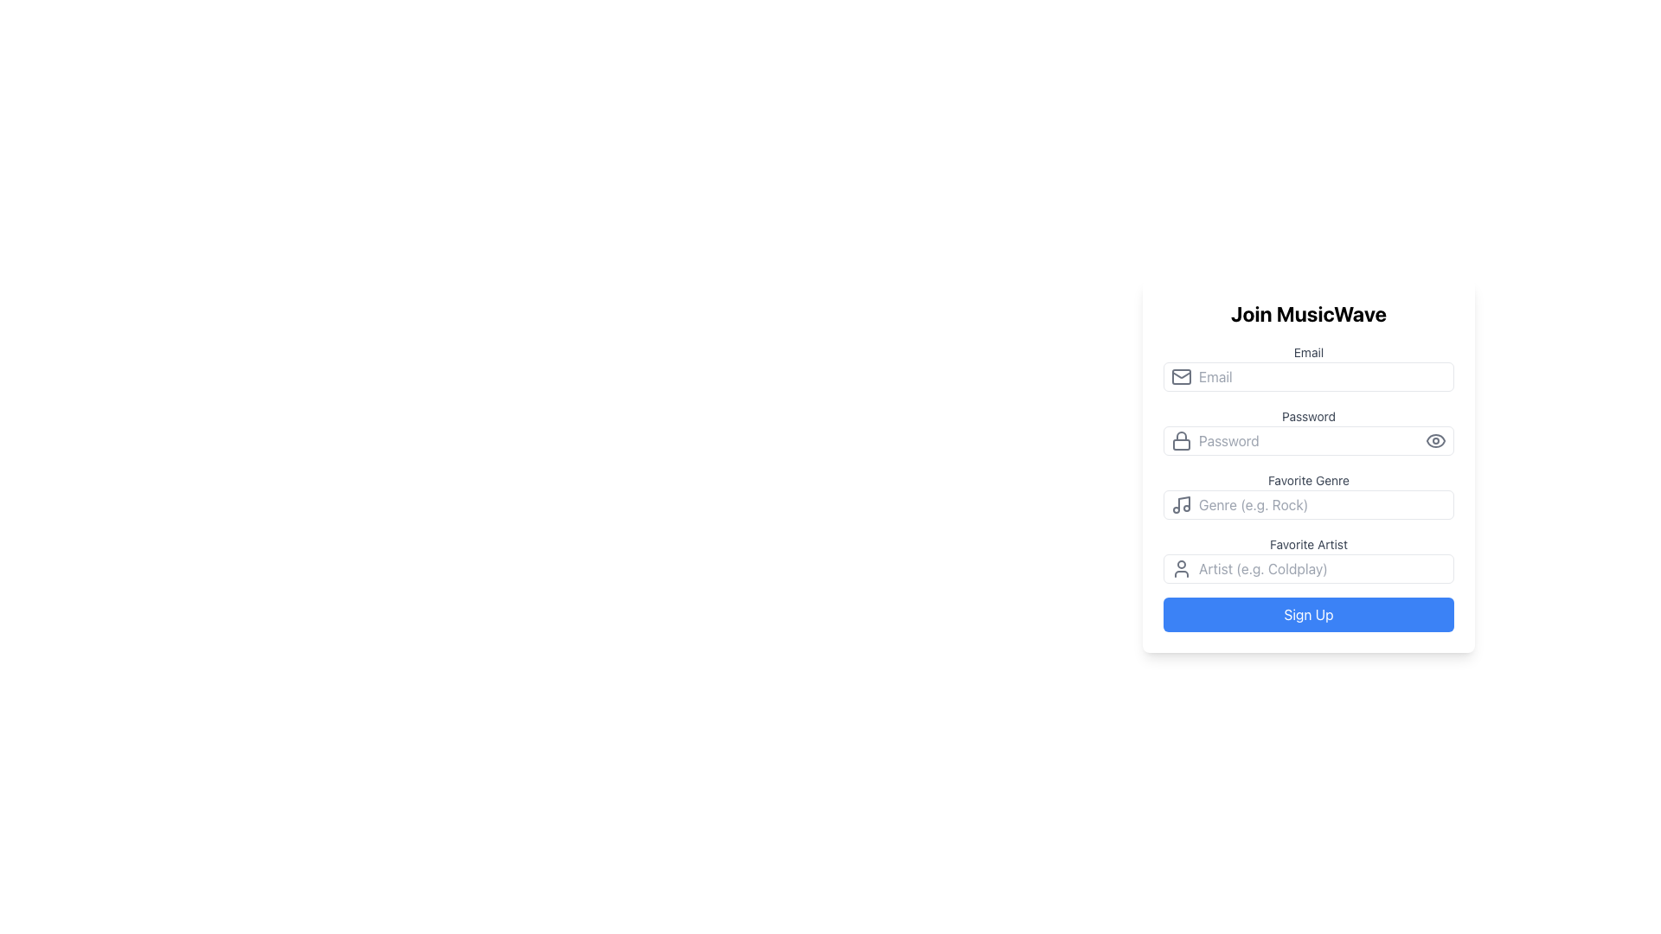 The width and height of the screenshot is (1661, 934). What do you see at coordinates (1308, 487) in the screenshot?
I see `the 'Favorite Genre' label to refocus the input field for entering the user's preferred music genre` at bounding box center [1308, 487].